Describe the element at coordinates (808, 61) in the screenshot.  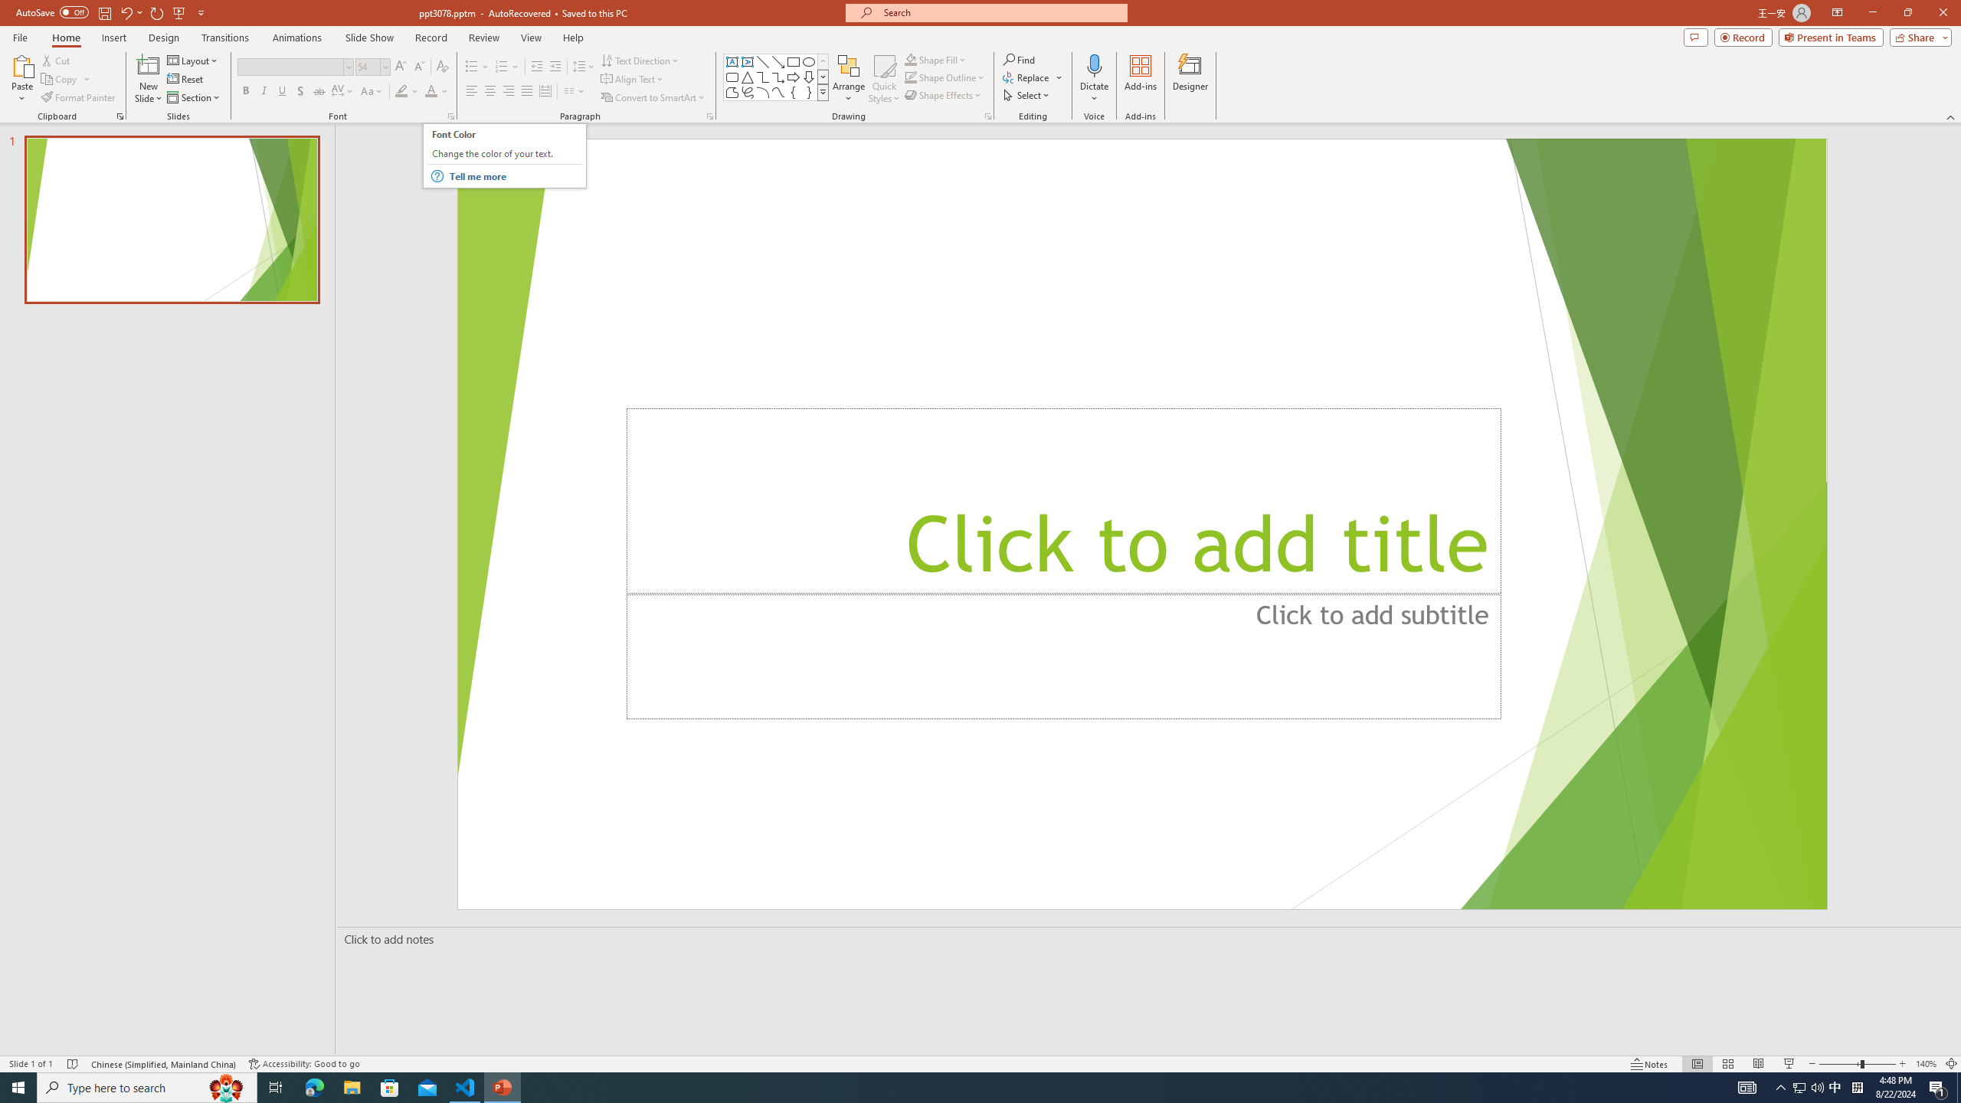
I see `'Oval'` at that location.